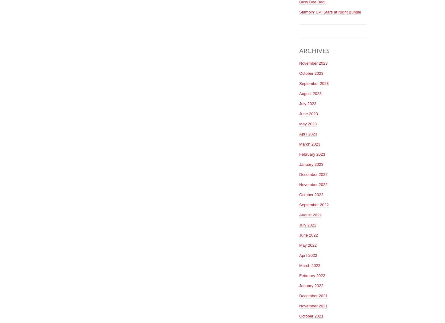 This screenshot has width=445, height=323. Describe the element at coordinates (312, 275) in the screenshot. I see `'February 2022'` at that location.